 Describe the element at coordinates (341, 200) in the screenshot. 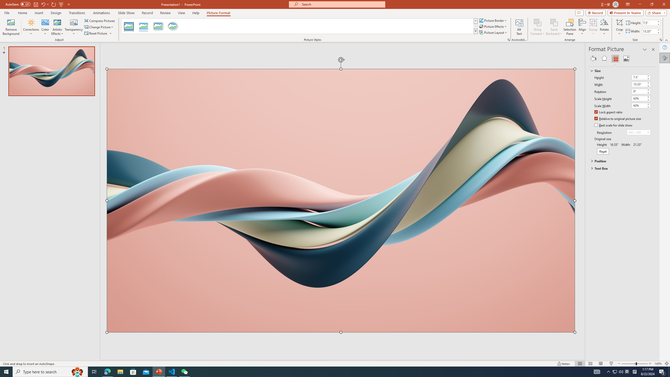

I see `'Wavy 3D art'` at that location.